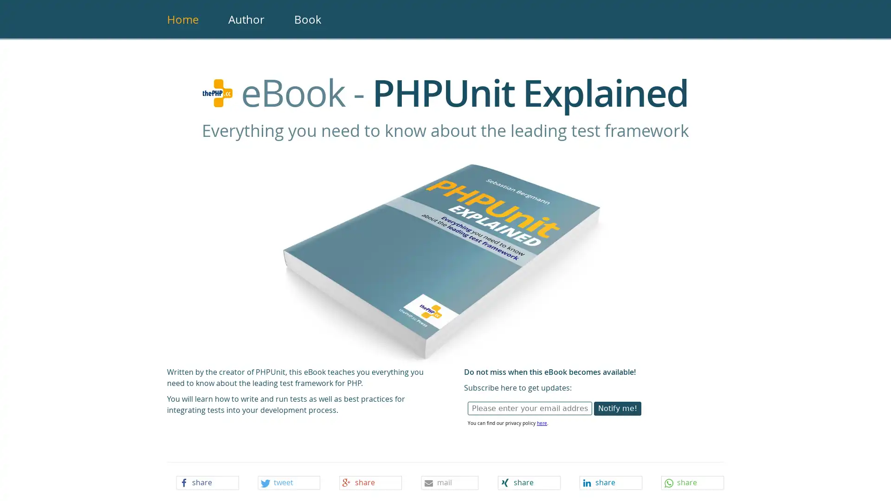 This screenshot has height=501, width=891. What do you see at coordinates (288, 482) in the screenshot?
I see `Share on Twitter` at bounding box center [288, 482].